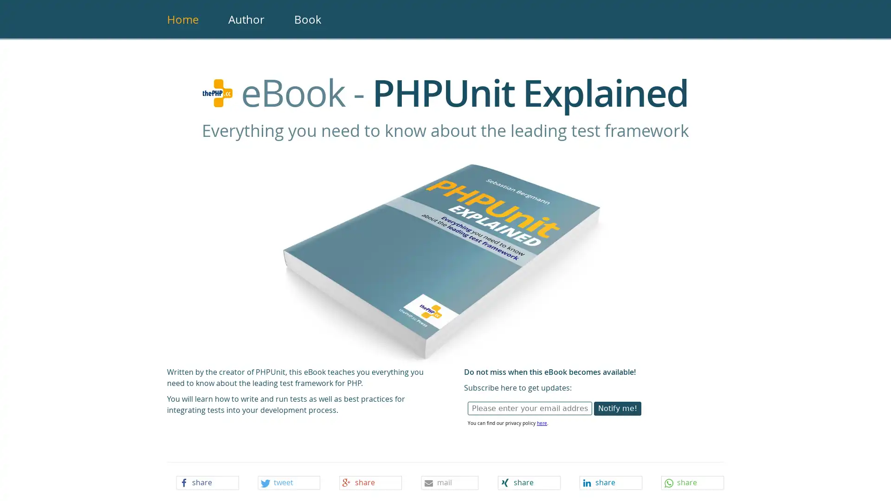 This screenshot has height=501, width=891. What do you see at coordinates (288, 482) in the screenshot?
I see `Share on Twitter` at bounding box center [288, 482].